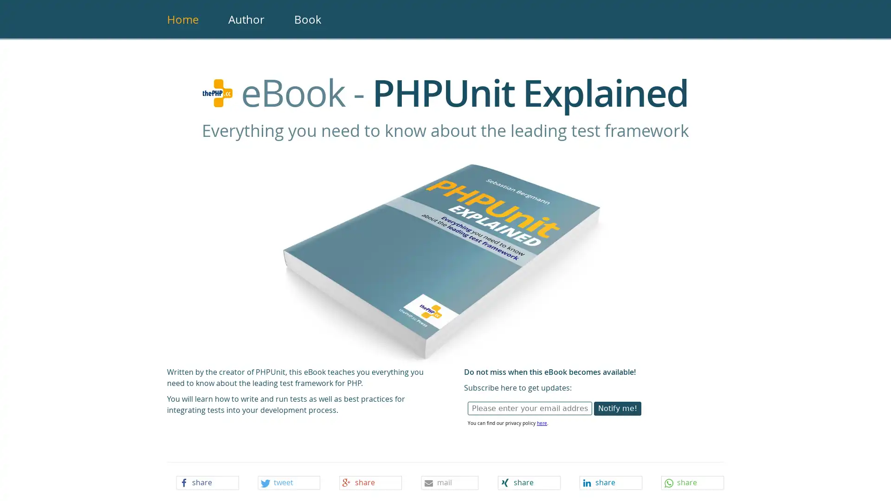 This screenshot has height=501, width=891. What do you see at coordinates (288, 482) in the screenshot?
I see `Share on Twitter` at bounding box center [288, 482].